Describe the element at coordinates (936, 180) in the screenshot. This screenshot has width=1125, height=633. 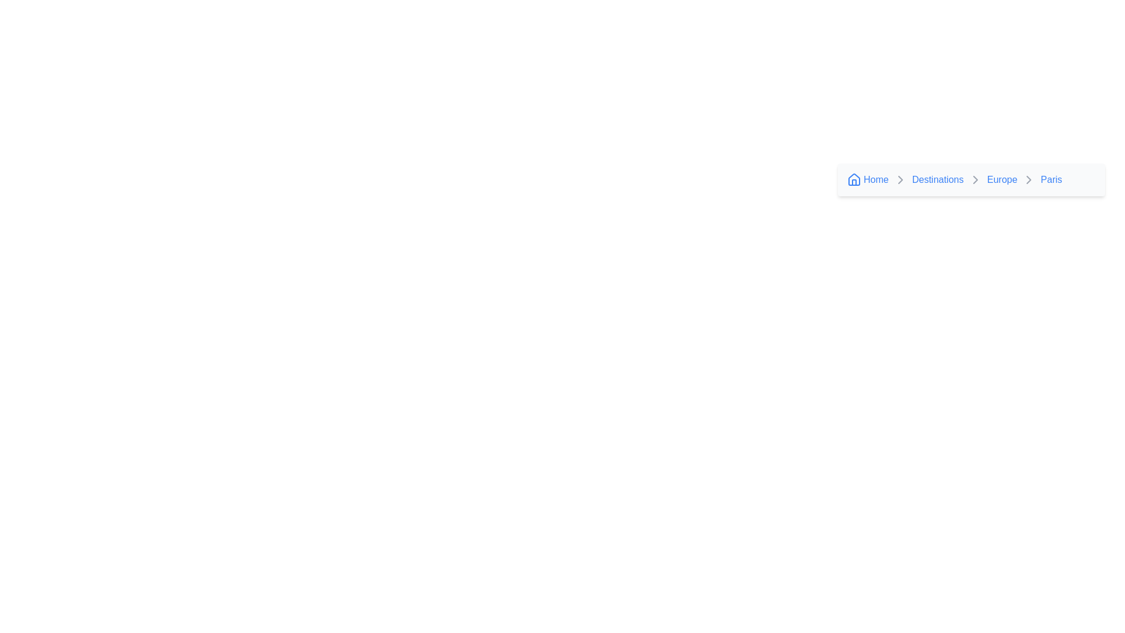
I see `the hyperlink in the breadcrumb navigation bar that is positioned between the 'Home' and 'Europe' labels` at that location.